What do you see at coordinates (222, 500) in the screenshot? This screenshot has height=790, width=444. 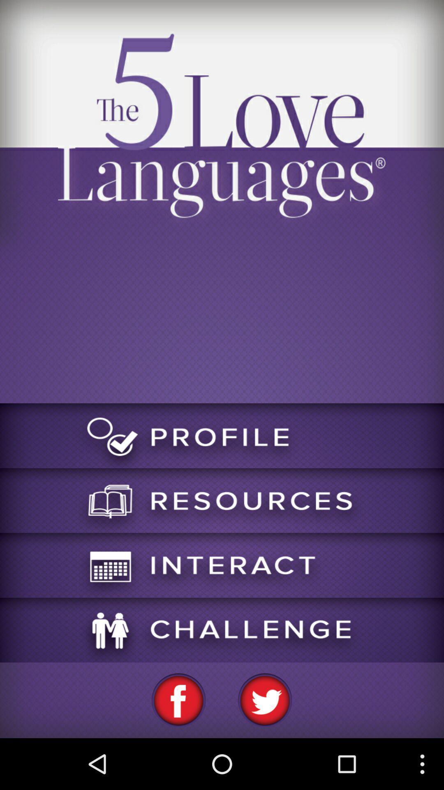 I see `resource` at bounding box center [222, 500].